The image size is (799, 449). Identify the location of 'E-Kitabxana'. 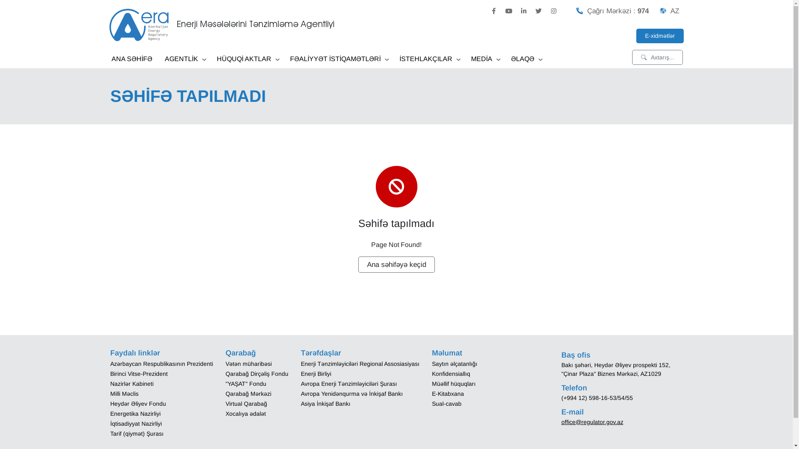
(447, 393).